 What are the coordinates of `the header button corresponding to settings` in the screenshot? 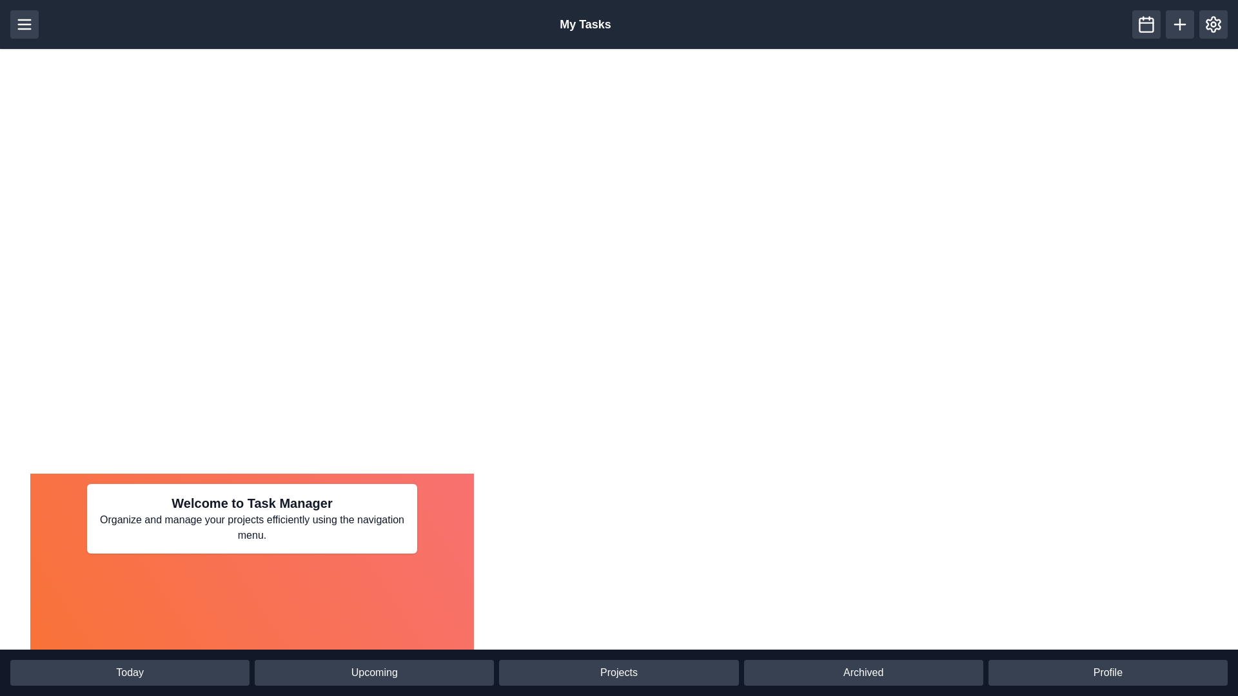 It's located at (1212, 24).